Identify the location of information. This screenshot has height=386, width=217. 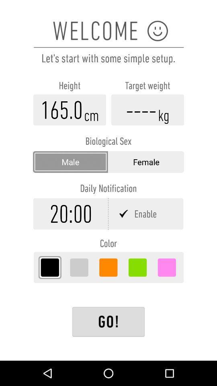
(70, 109).